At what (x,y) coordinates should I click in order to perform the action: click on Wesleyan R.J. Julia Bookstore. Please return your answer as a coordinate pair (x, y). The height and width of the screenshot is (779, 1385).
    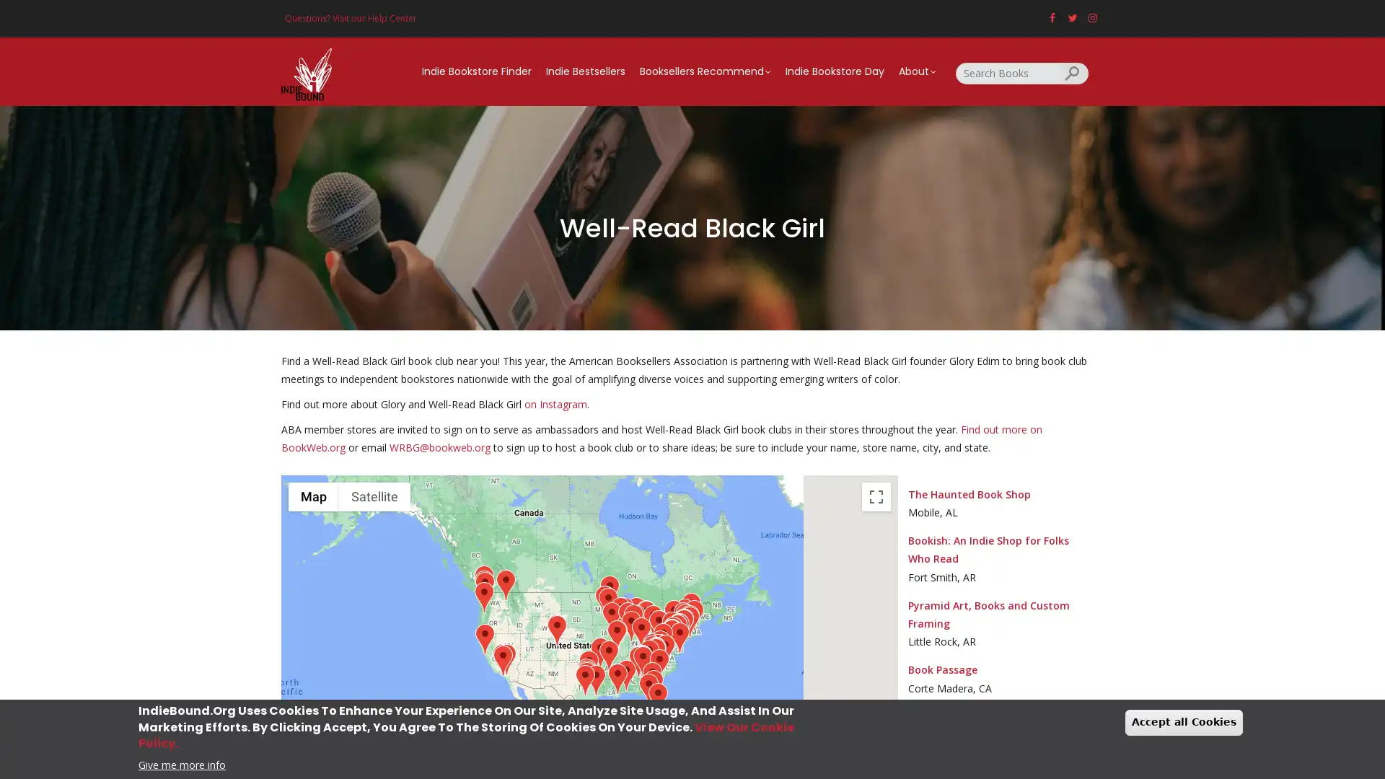
    Looking at the image, I should click on (688, 619).